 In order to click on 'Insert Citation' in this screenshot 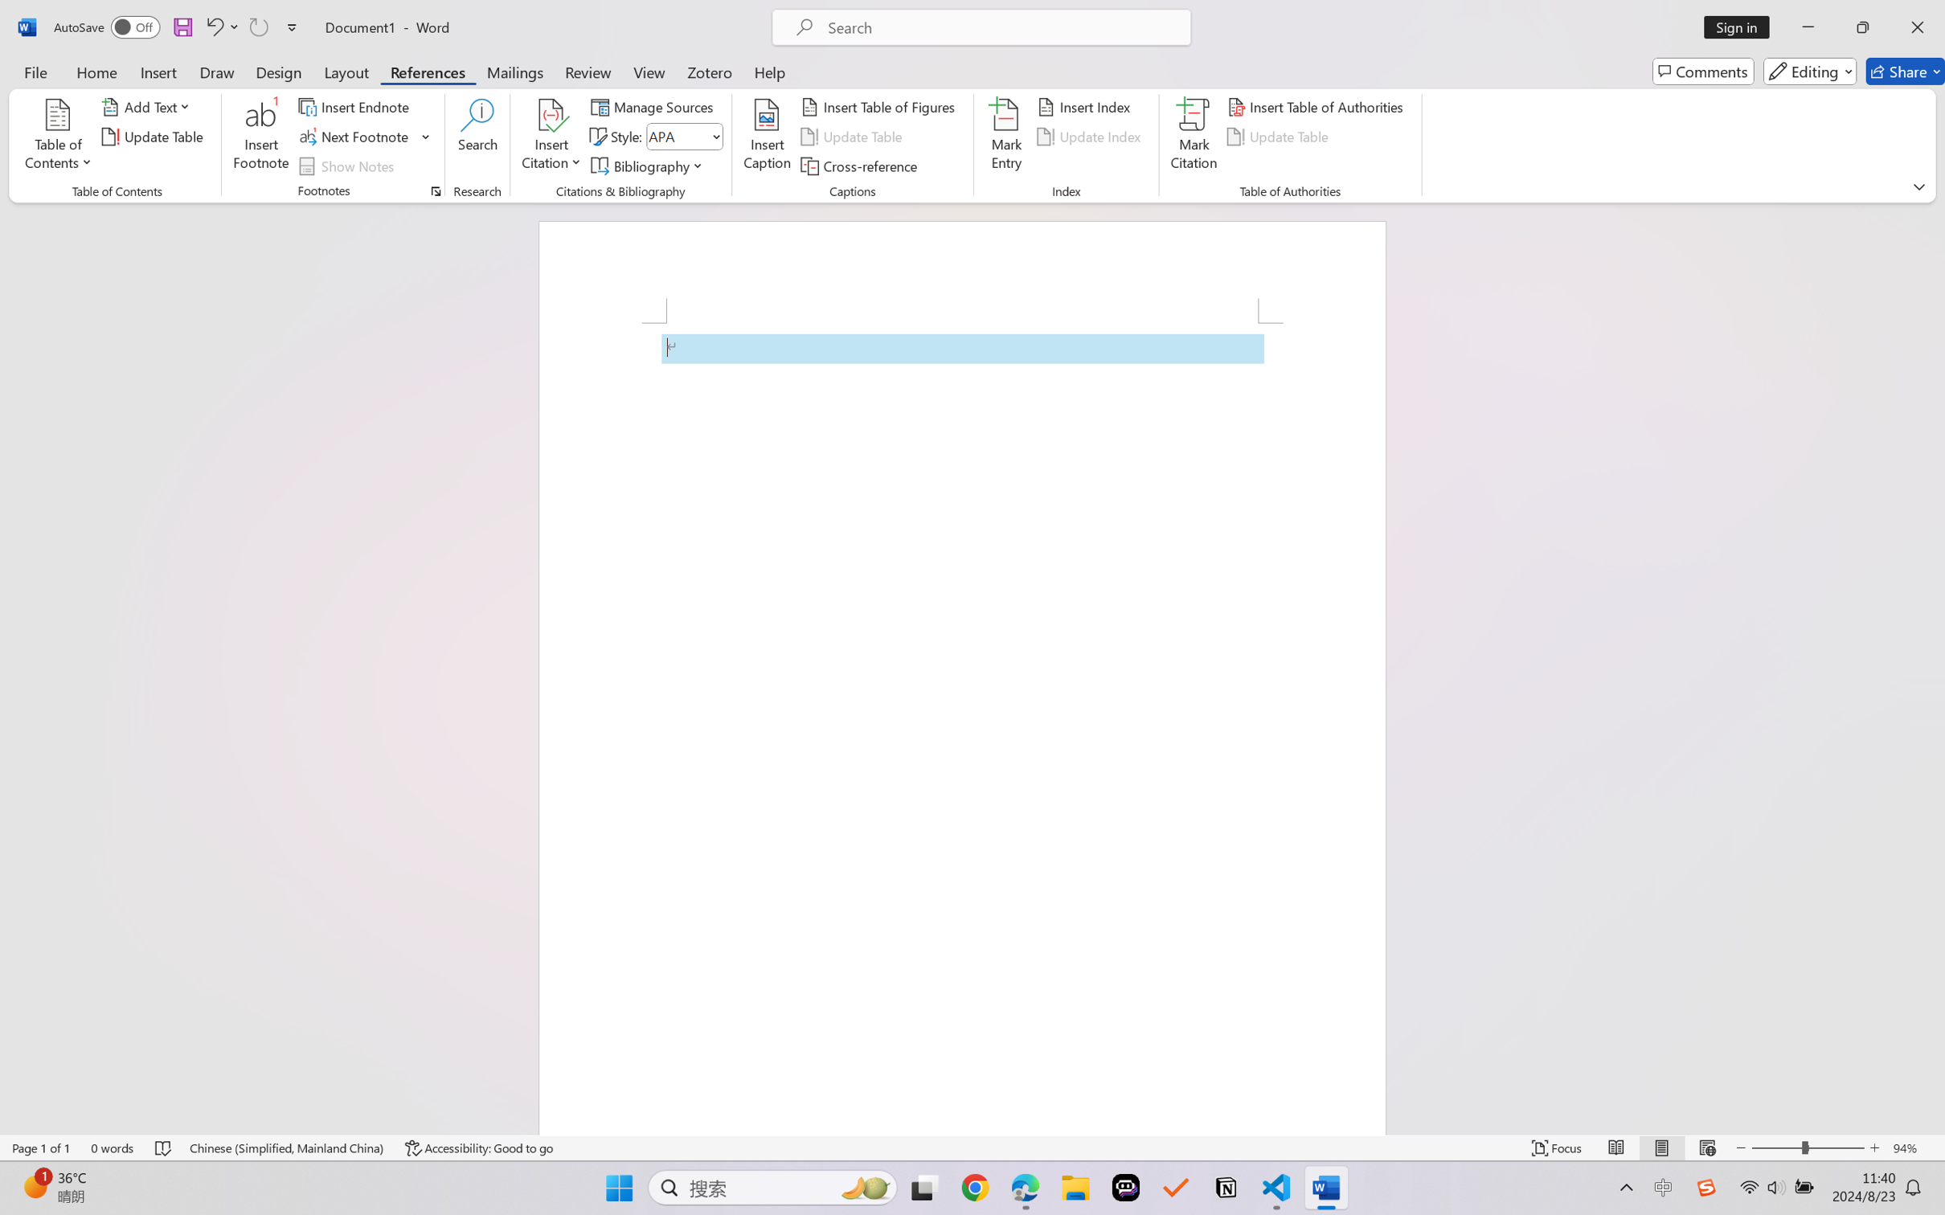, I will do `click(550, 137)`.